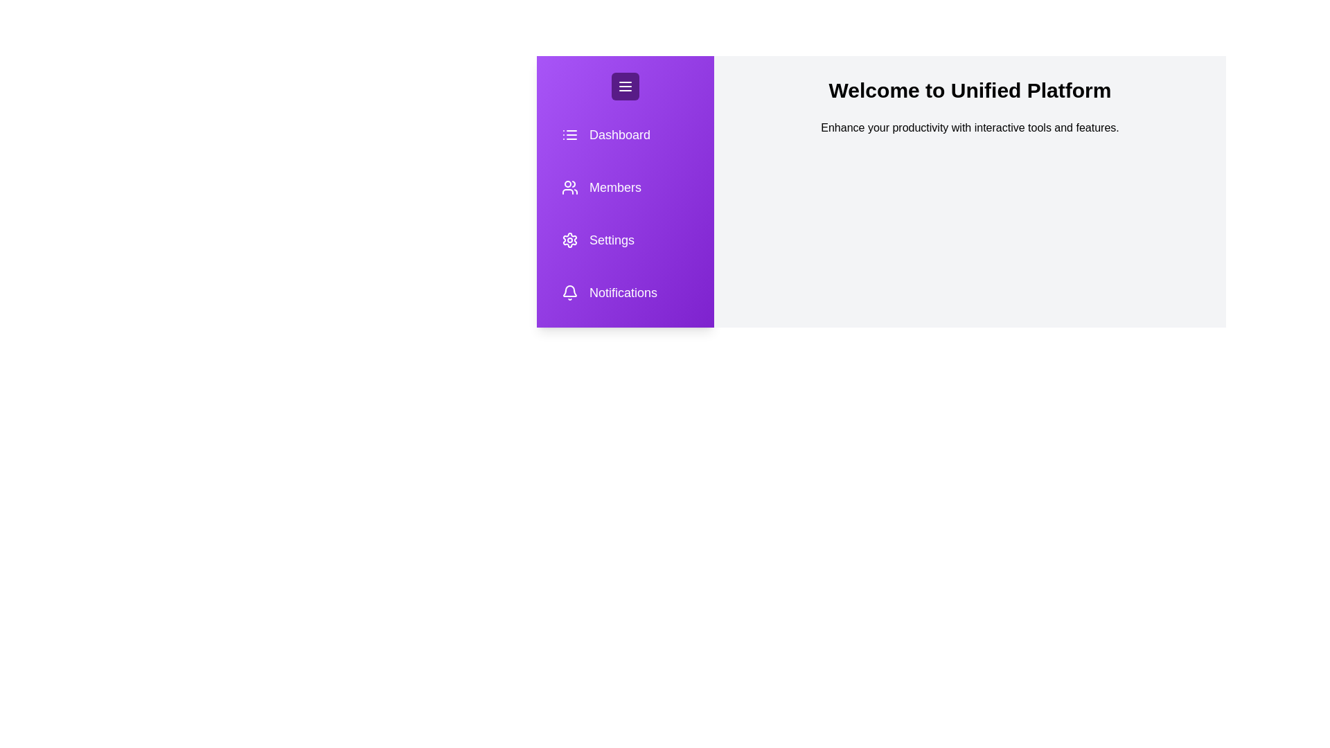  What do you see at coordinates (624, 240) in the screenshot?
I see `the sidebar item labeled Settings` at bounding box center [624, 240].